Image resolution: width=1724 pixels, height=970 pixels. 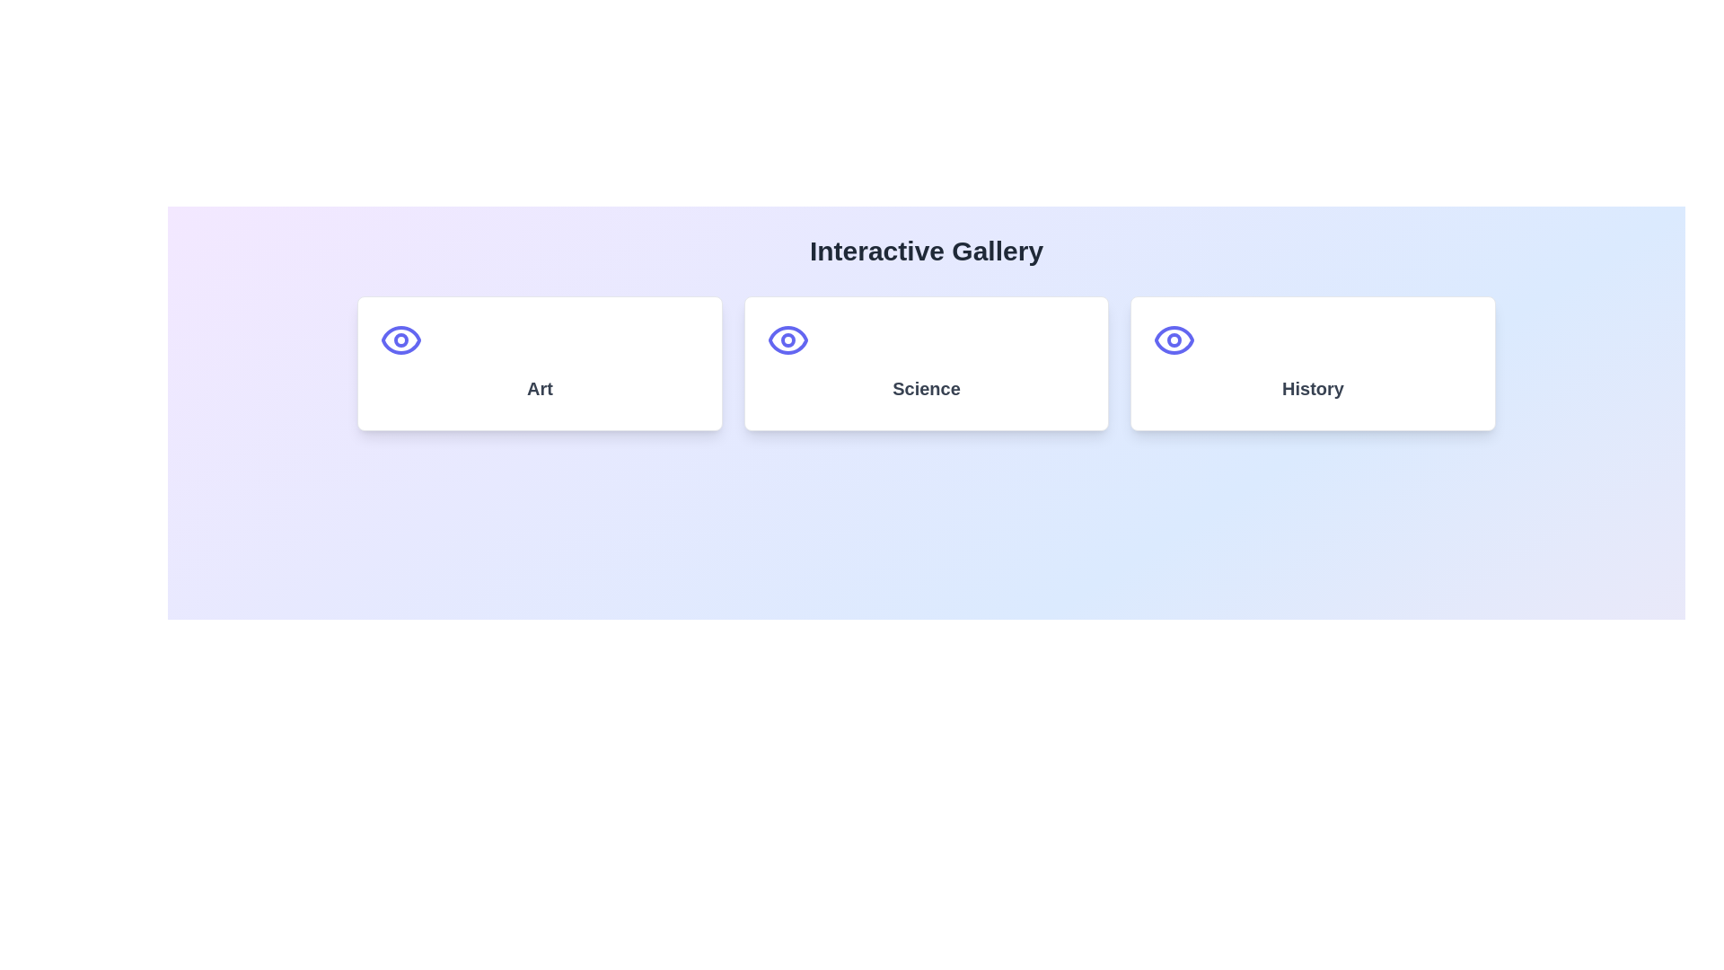 I want to click on the decorative icon located at the top center of the third card, which is positioned above the text 'History', so click(x=1174, y=339).